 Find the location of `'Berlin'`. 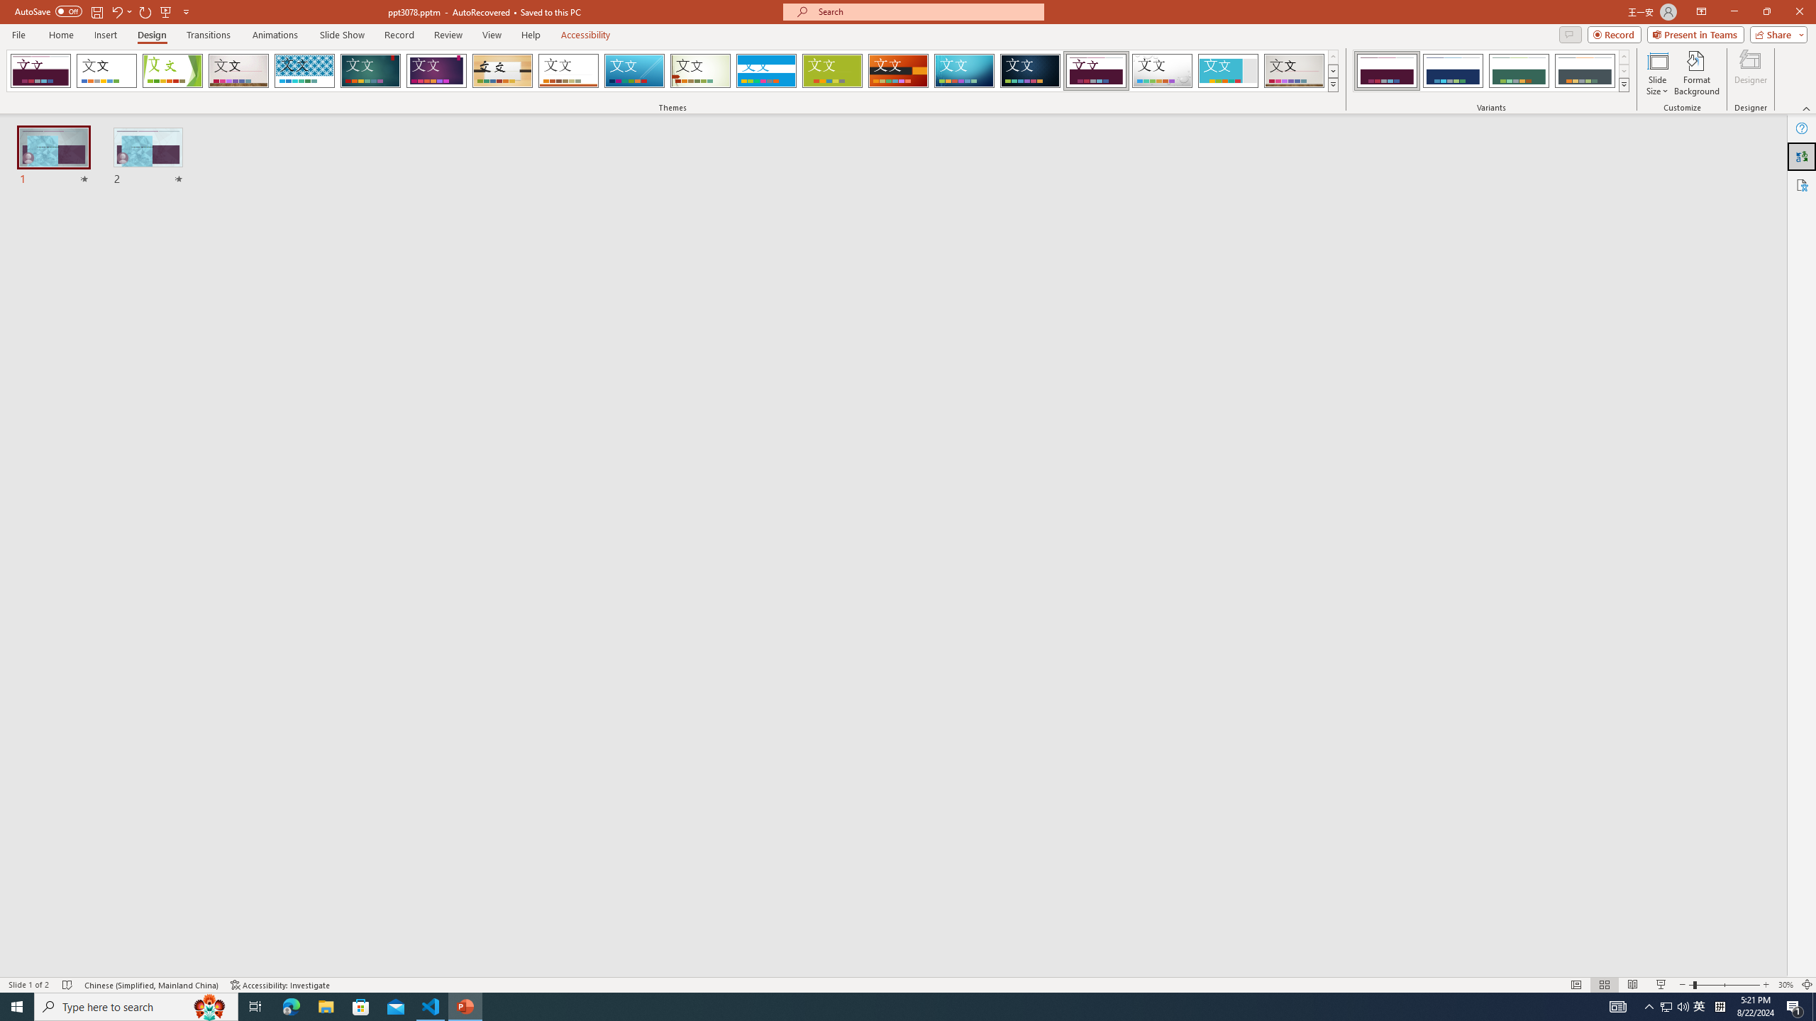

'Berlin' is located at coordinates (899, 70).